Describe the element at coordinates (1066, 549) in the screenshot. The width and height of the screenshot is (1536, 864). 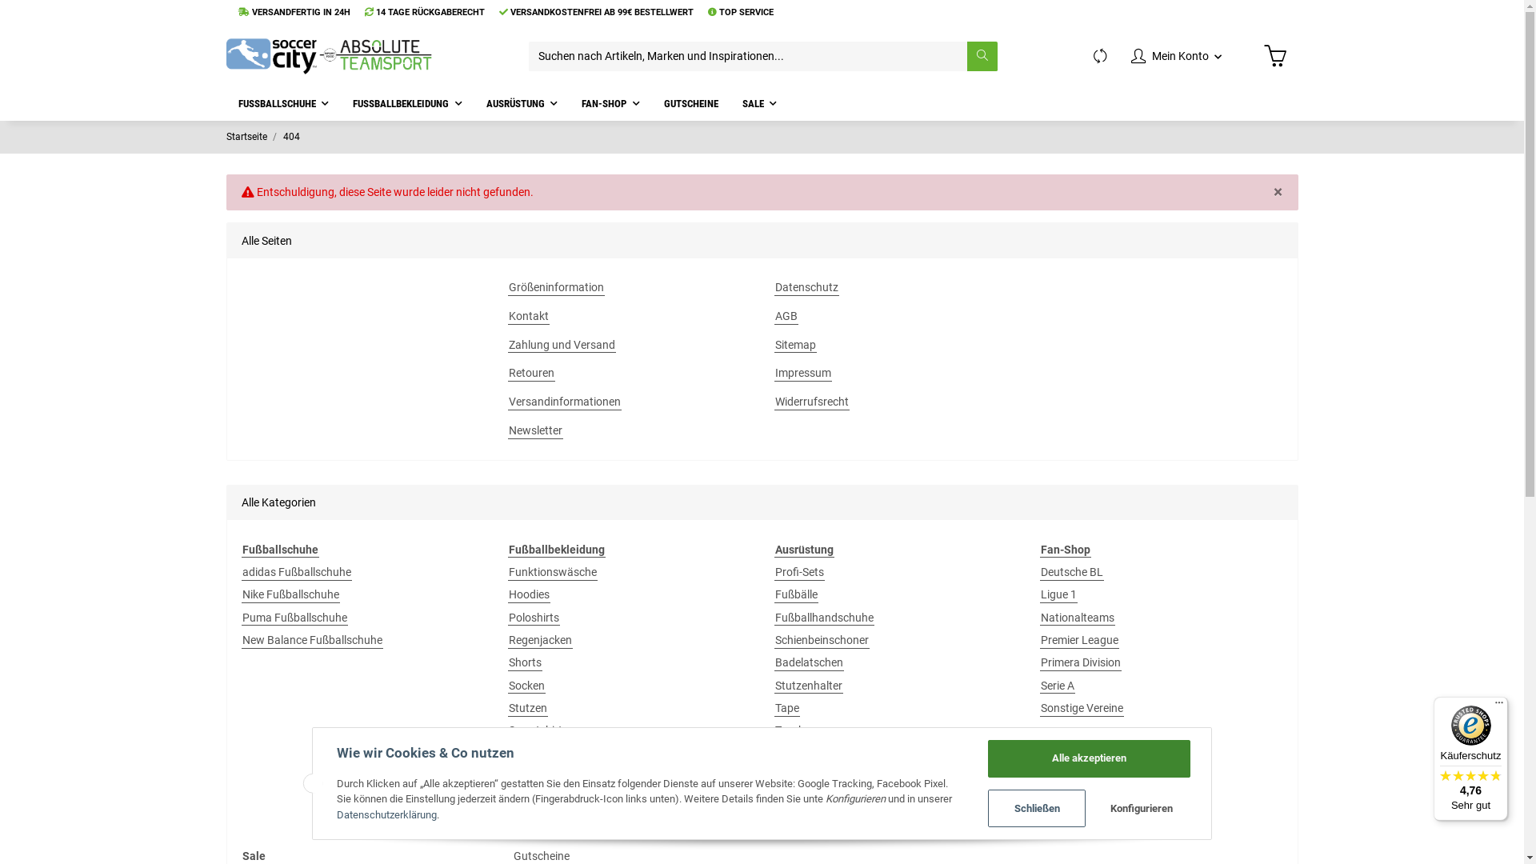
I see `'Fan-Shop'` at that location.